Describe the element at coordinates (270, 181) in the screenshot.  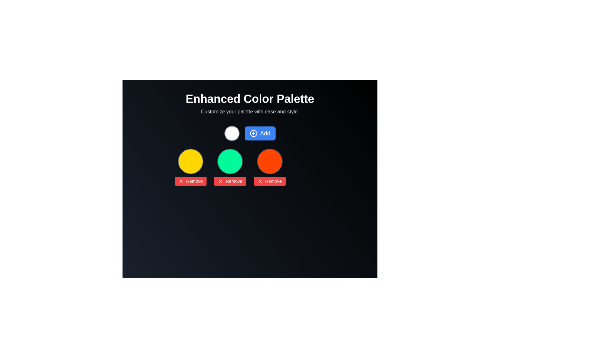
I see `the third button from the left, positioned below the orange circular icon` at that location.